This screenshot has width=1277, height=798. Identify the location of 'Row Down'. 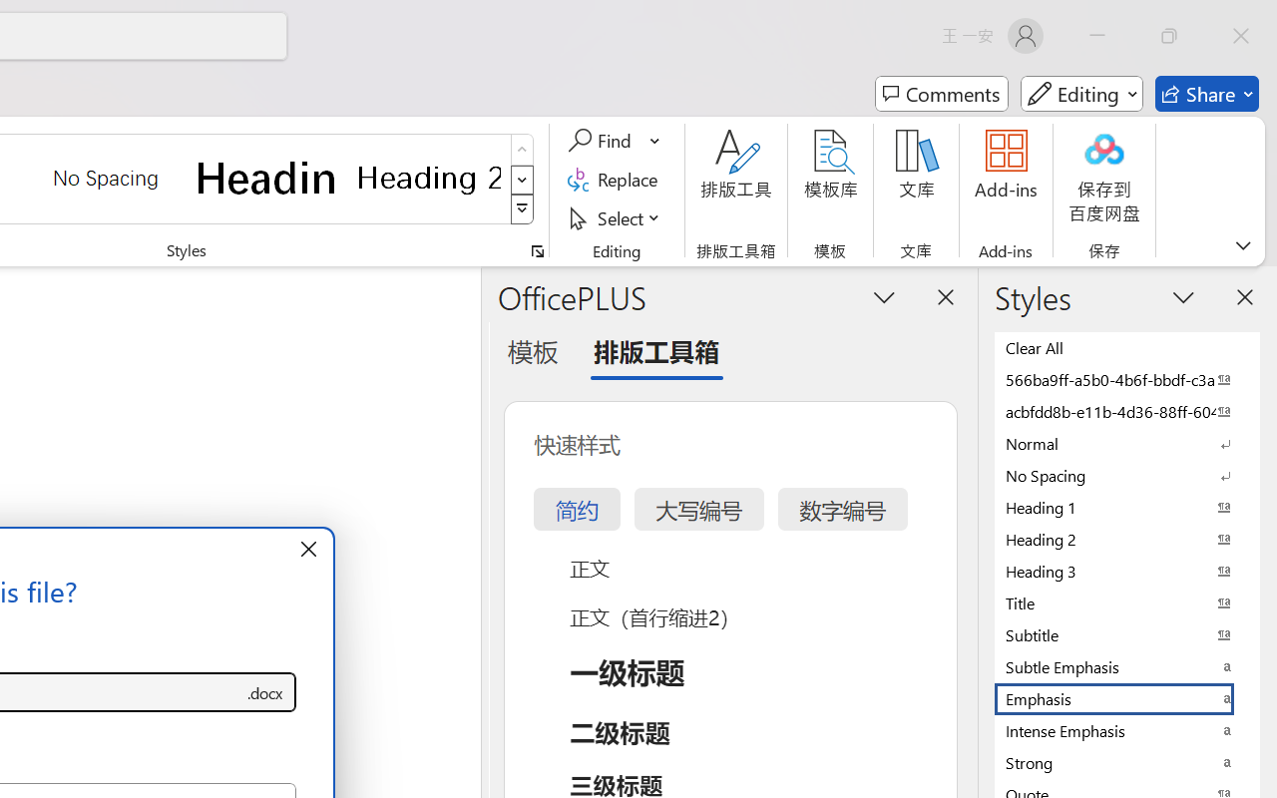
(522, 179).